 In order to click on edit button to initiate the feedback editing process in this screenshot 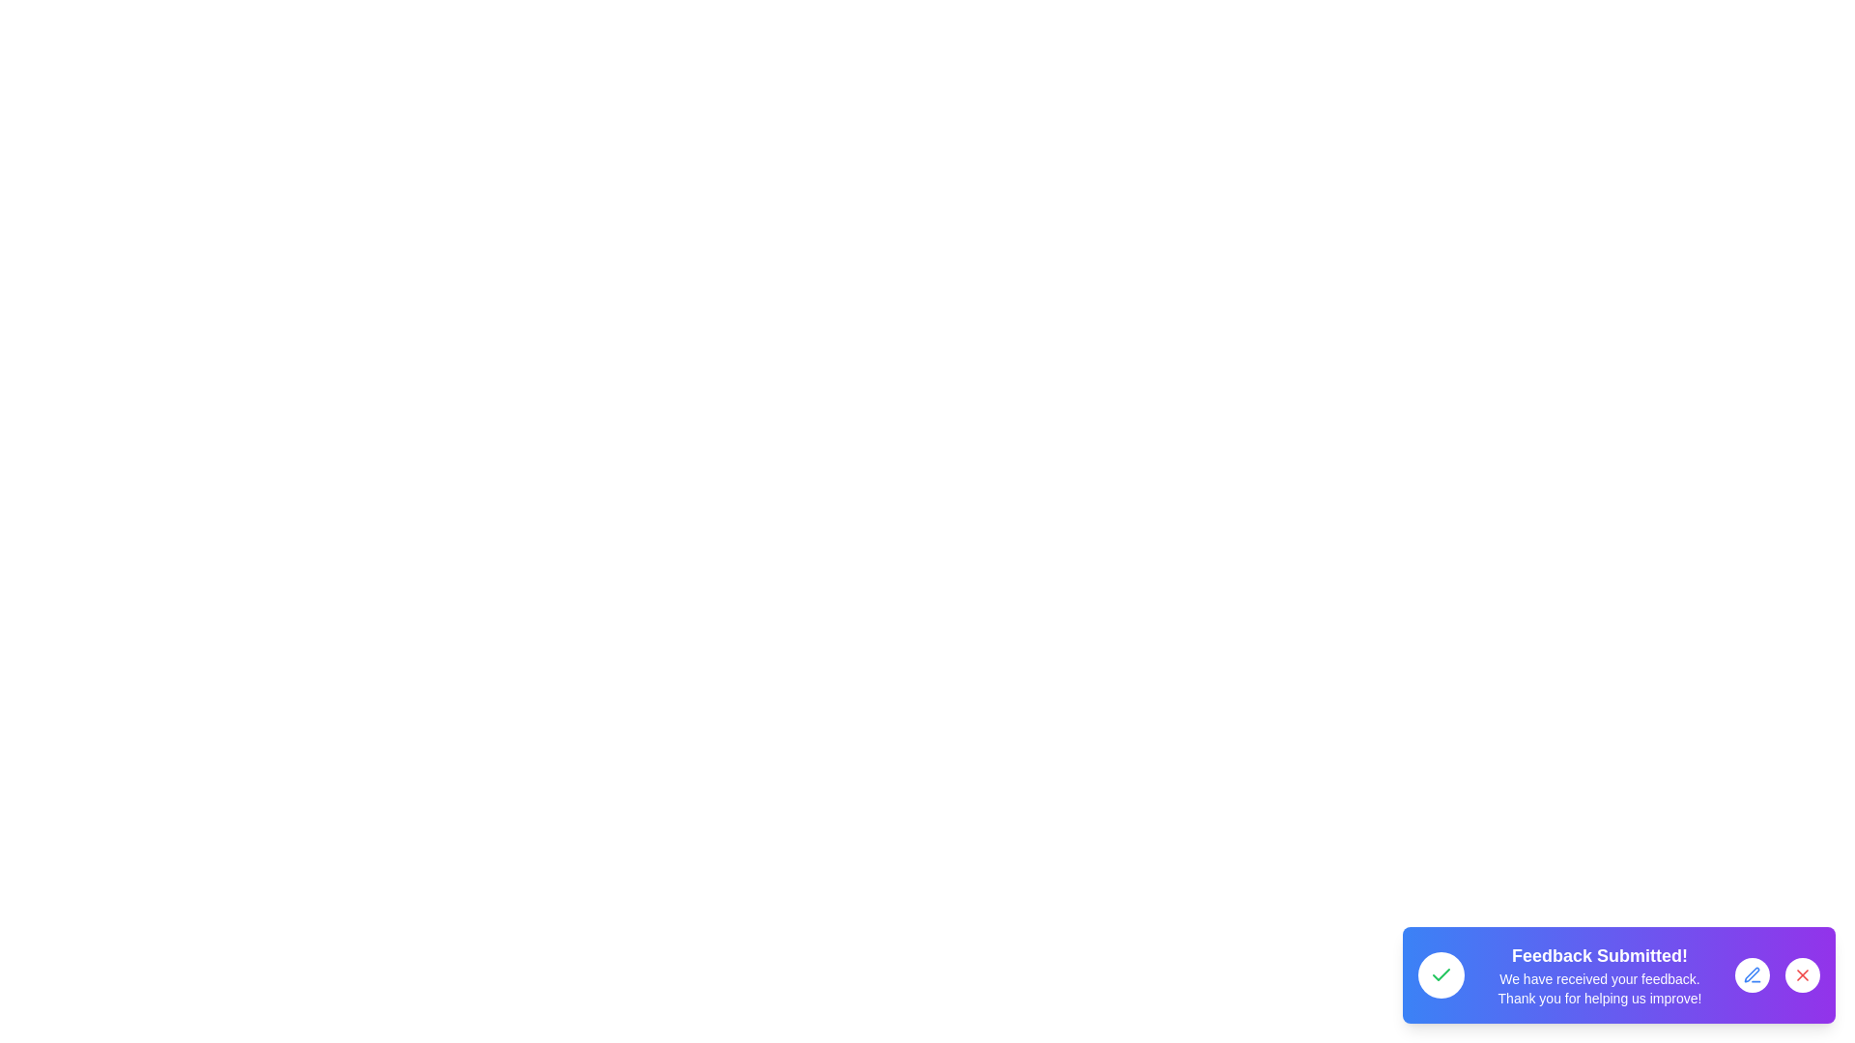, I will do `click(1753, 975)`.